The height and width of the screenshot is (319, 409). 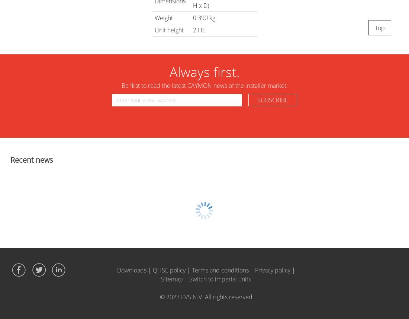 What do you see at coordinates (159, 297) in the screenshot?
I see `'© 2023 PVS N.V. All rights reserved'` at bounding box center [159, 297].